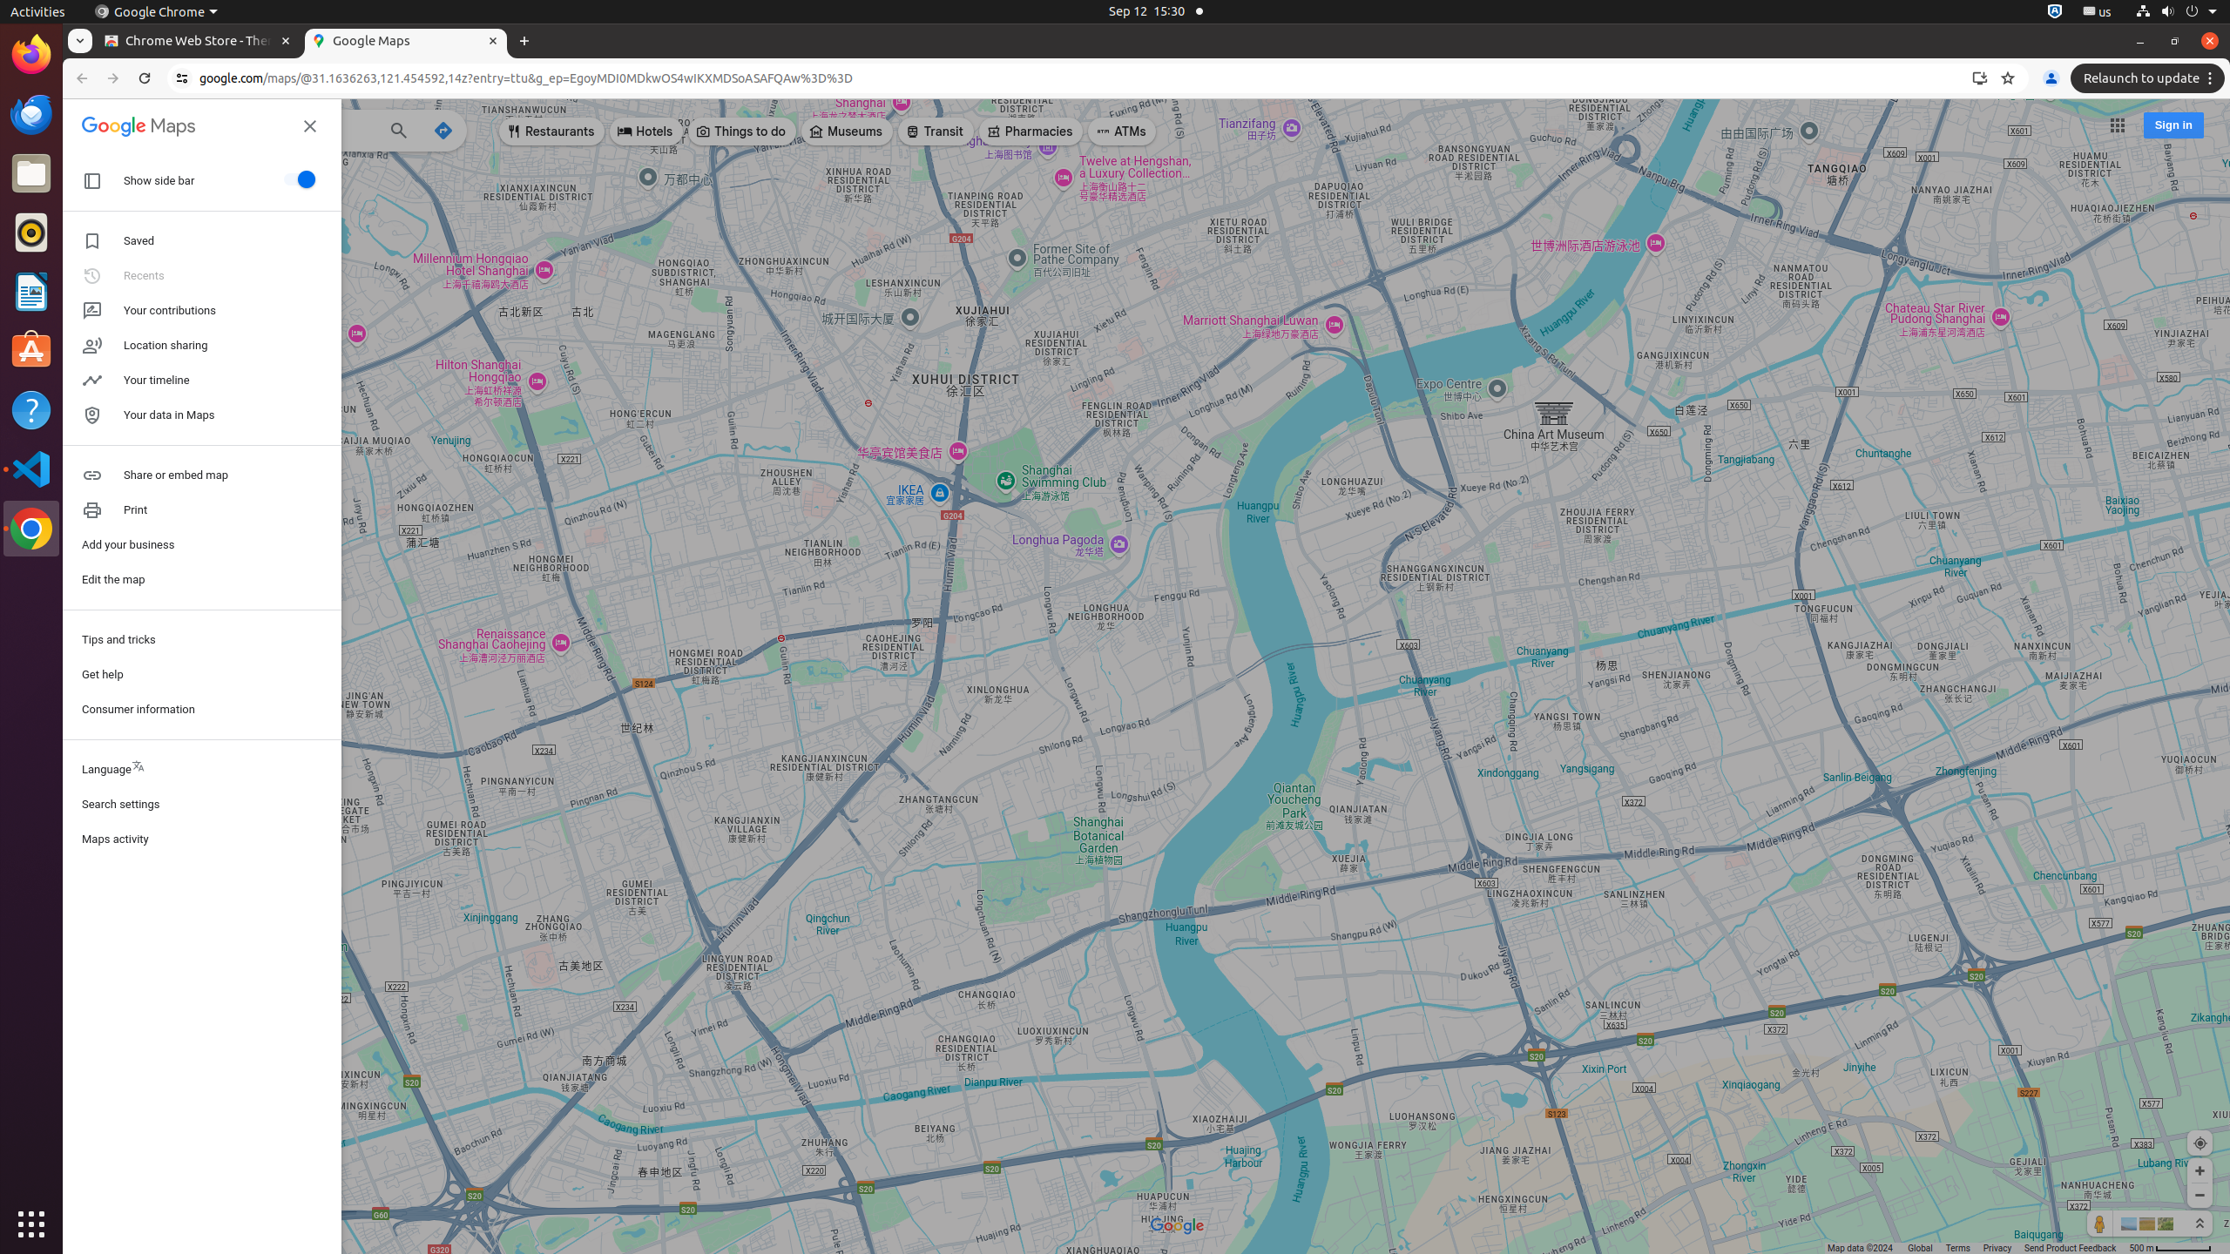 The height and width of the screenshot is (1254, 2230). What do you see at coordinates (2070, 1247) in the screenshot?
I see `'Send Product Feedback'` at bounding box center [2070, 1247].